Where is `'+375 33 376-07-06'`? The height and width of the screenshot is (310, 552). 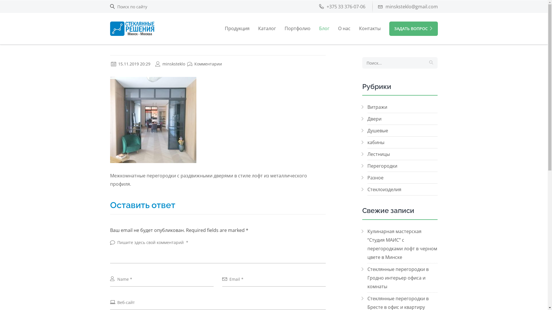
'+375 33 376-07-06' is located at coordinates (342, 7).